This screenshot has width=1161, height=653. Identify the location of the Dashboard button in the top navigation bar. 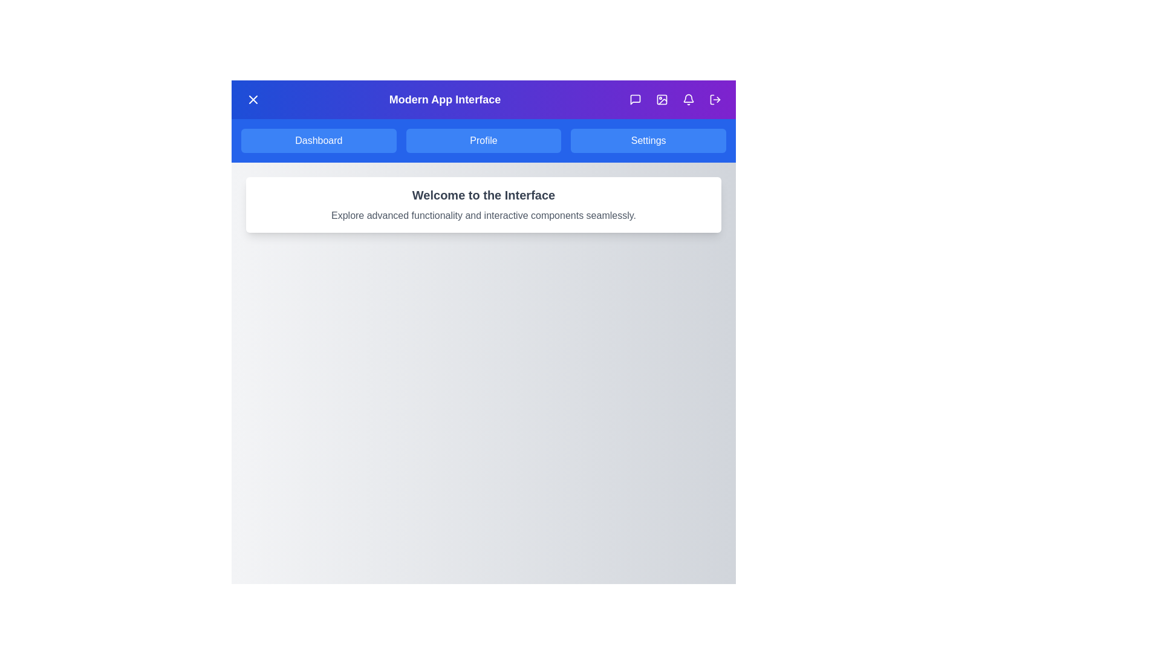
(319, 140).